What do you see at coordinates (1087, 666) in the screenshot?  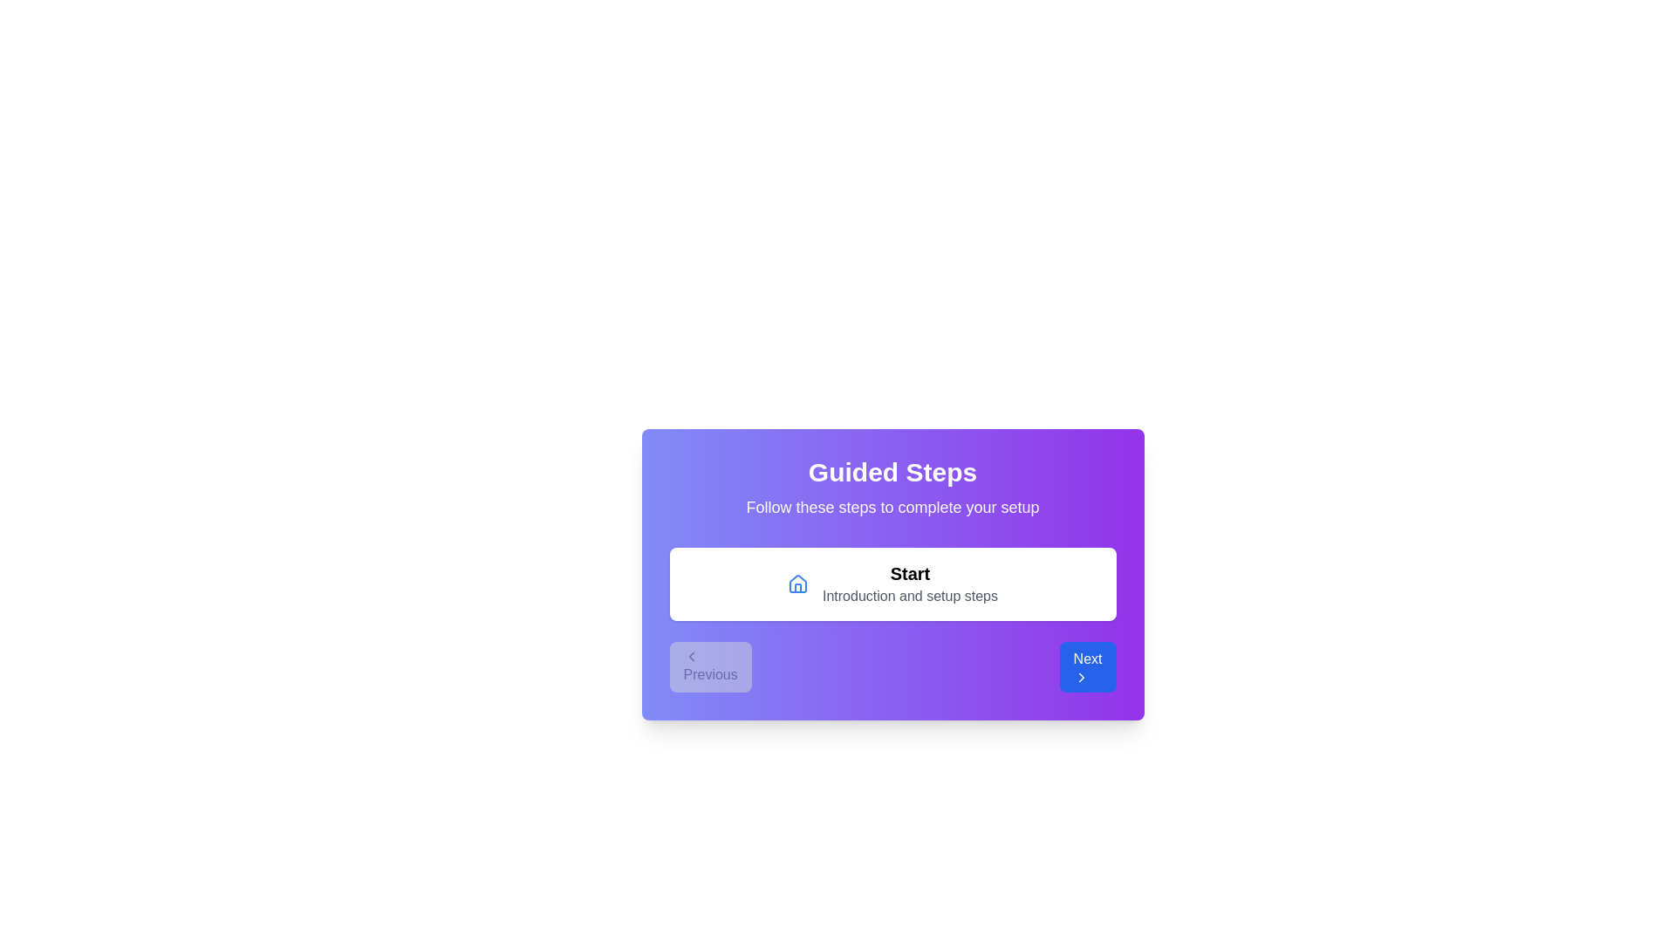 I see `the rectangular button with a blue background labeled 'Next', which contains a white right-facing arrow icon, to observe its hover effects` at bounding box center [1087, 666].